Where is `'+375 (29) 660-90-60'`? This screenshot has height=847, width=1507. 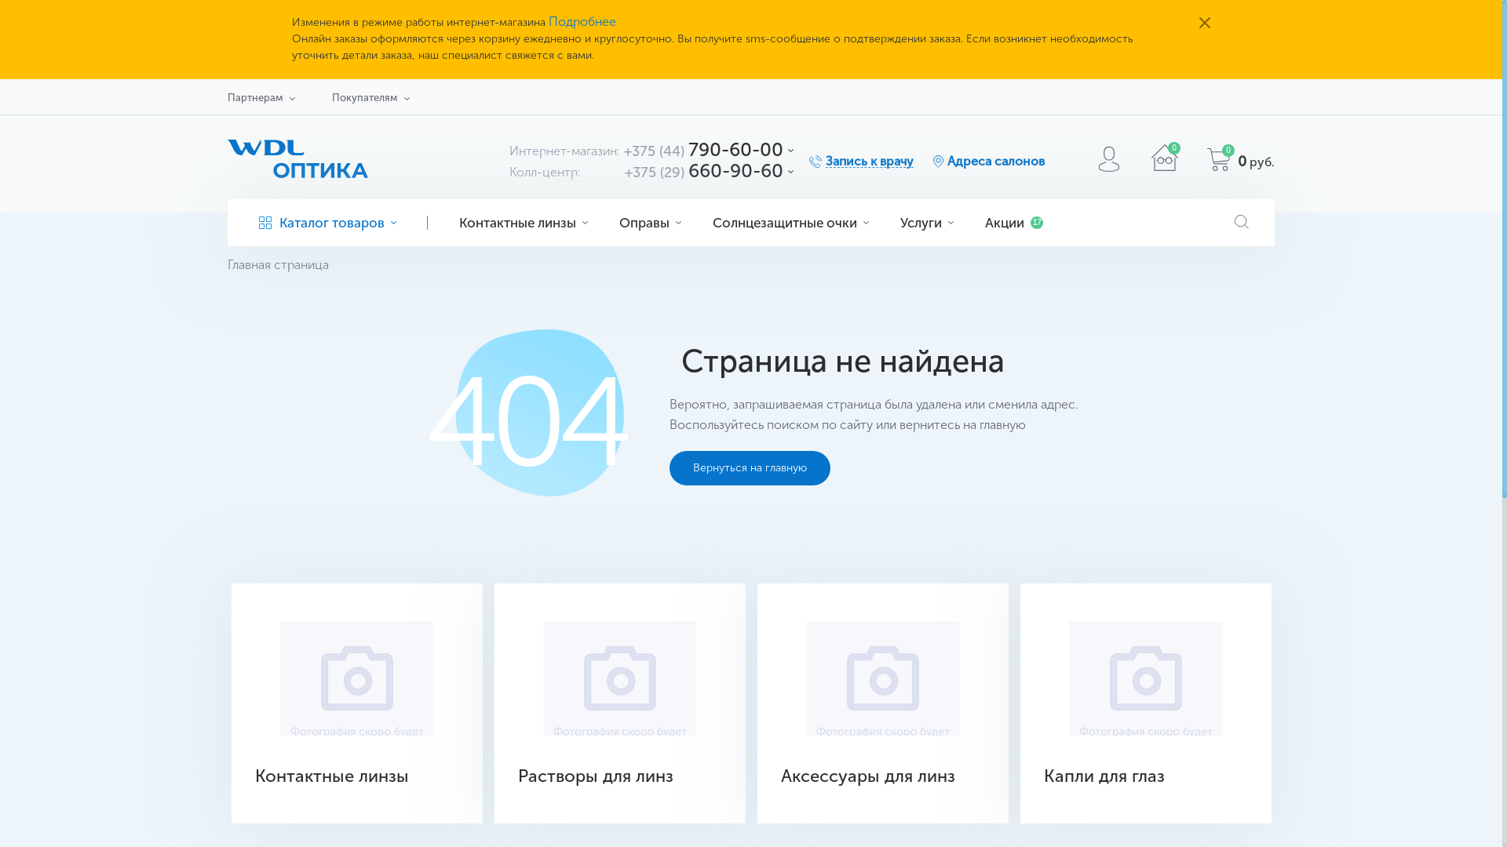 '+375 (29) 660-90-60' is located at coordinates (703, 170).